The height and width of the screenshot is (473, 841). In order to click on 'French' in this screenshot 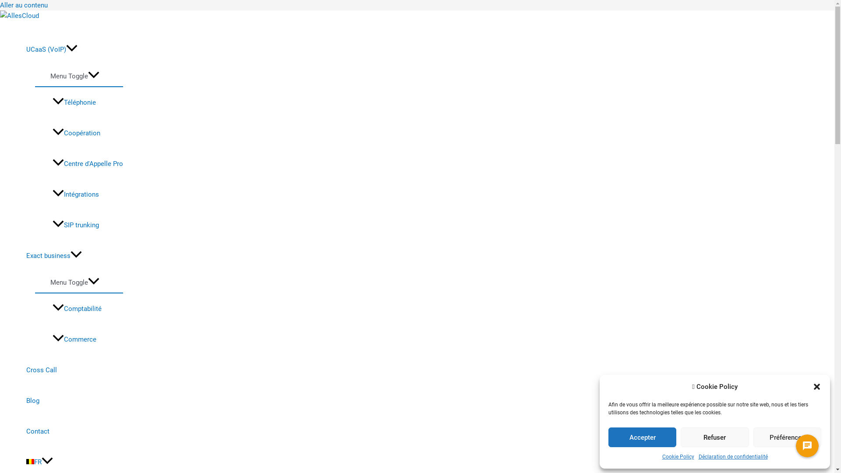, I will do `click(30, 461)`.